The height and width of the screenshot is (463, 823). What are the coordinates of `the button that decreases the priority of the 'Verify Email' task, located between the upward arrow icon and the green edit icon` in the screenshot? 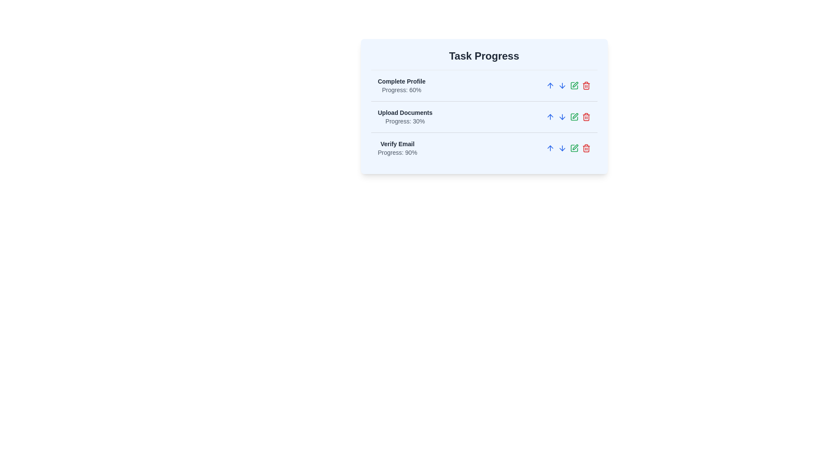 It's located at (562, 148).